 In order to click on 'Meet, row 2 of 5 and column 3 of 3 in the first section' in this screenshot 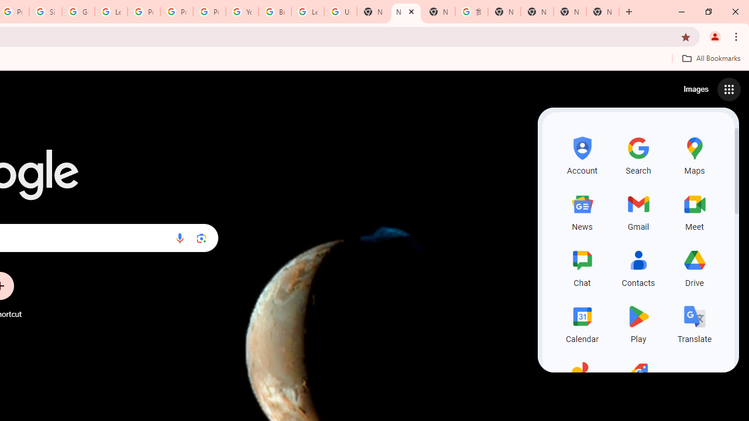, I will do `click(695, 210)`.